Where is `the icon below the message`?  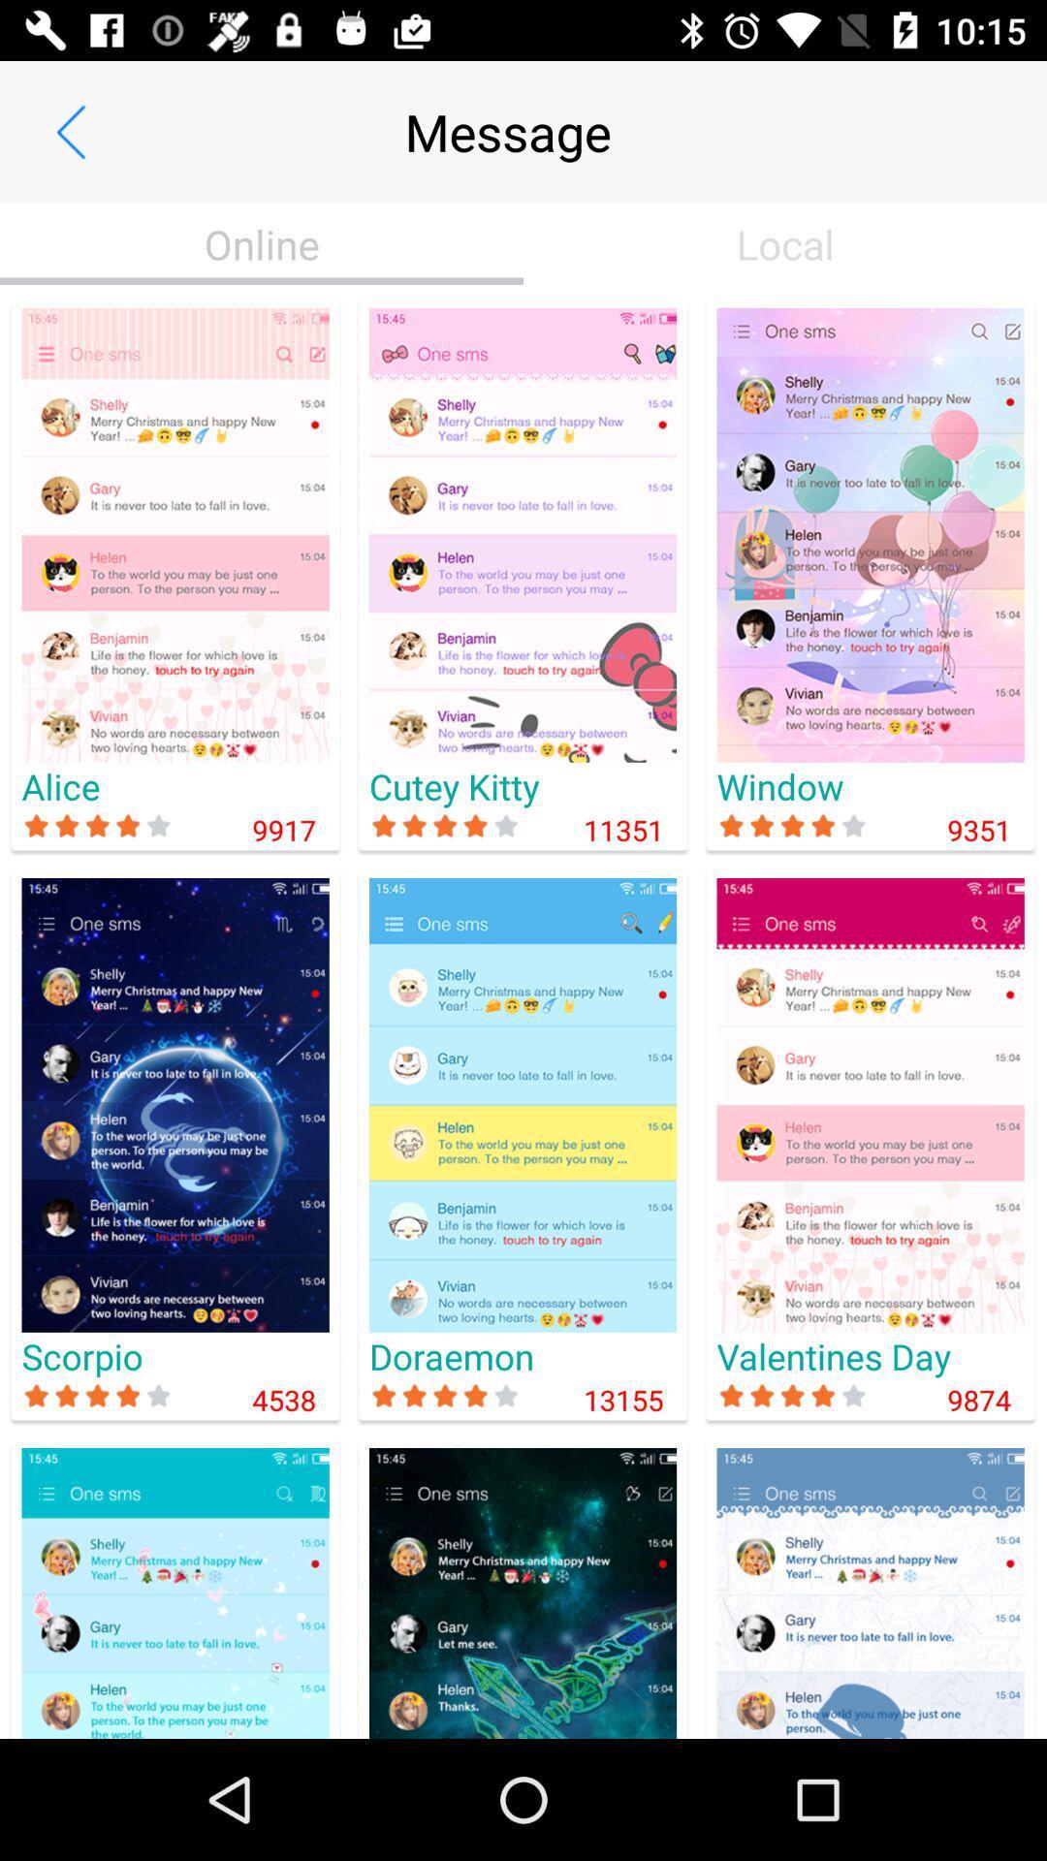 the icon below the message is located at coordinates (785, 243).